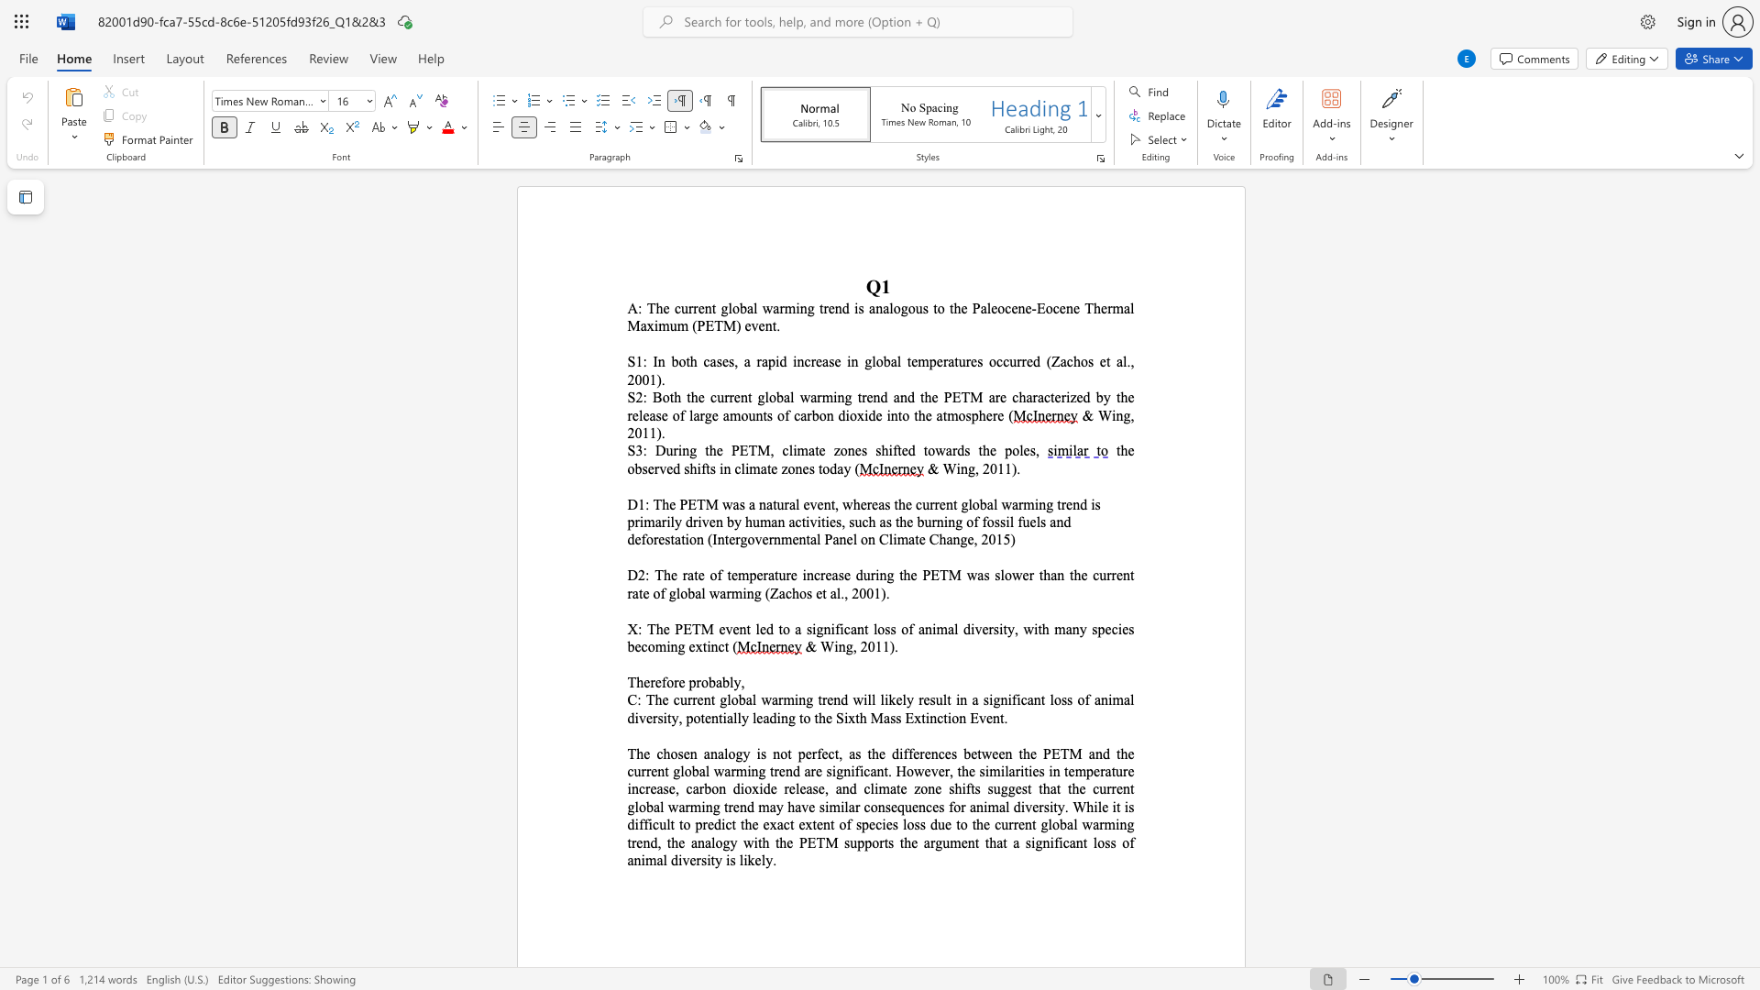 Image resolution: width=1760 pixels, height=990 pixels. I want to click on the subset text "ct (" within the text "X: The PETM event led to a significant loss of animal diversity, with many species becoming extinct (", so click(717, 645).